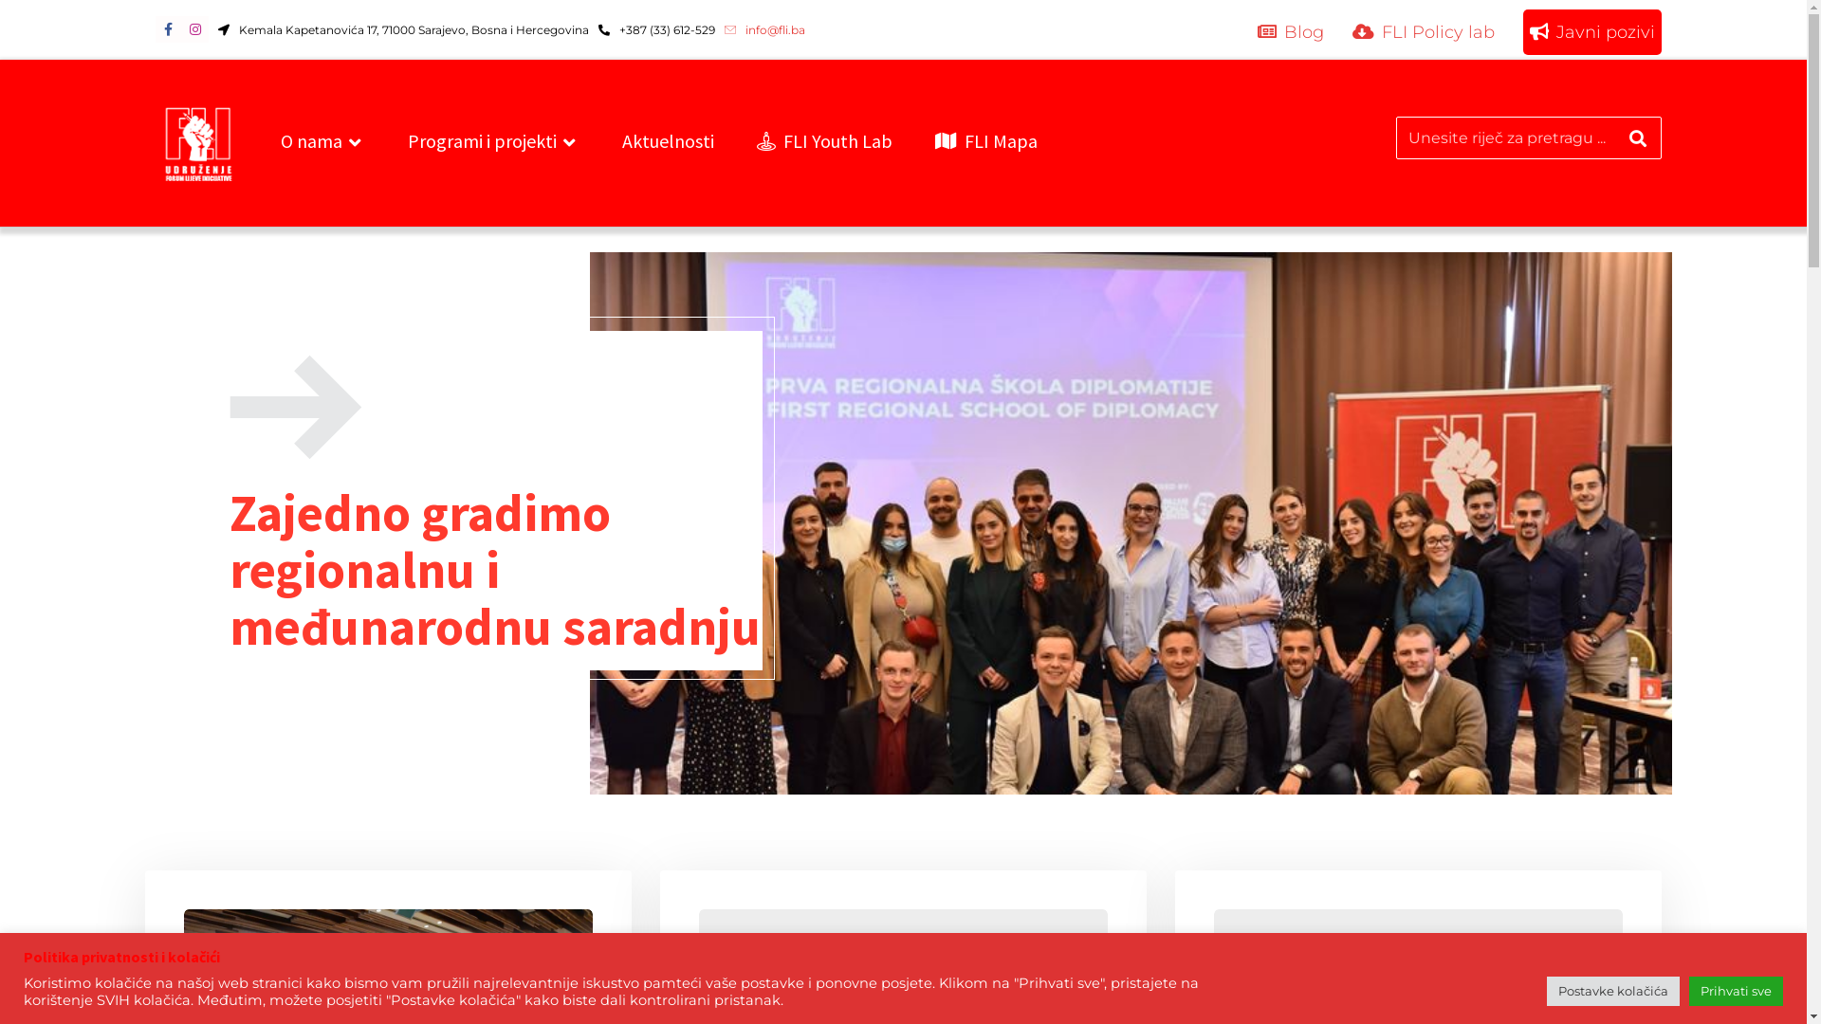  What do you see at coordinates (1592, 32) in the screenshot?
I see `'Javni pozivi'` at bounding box center [1592, 32].